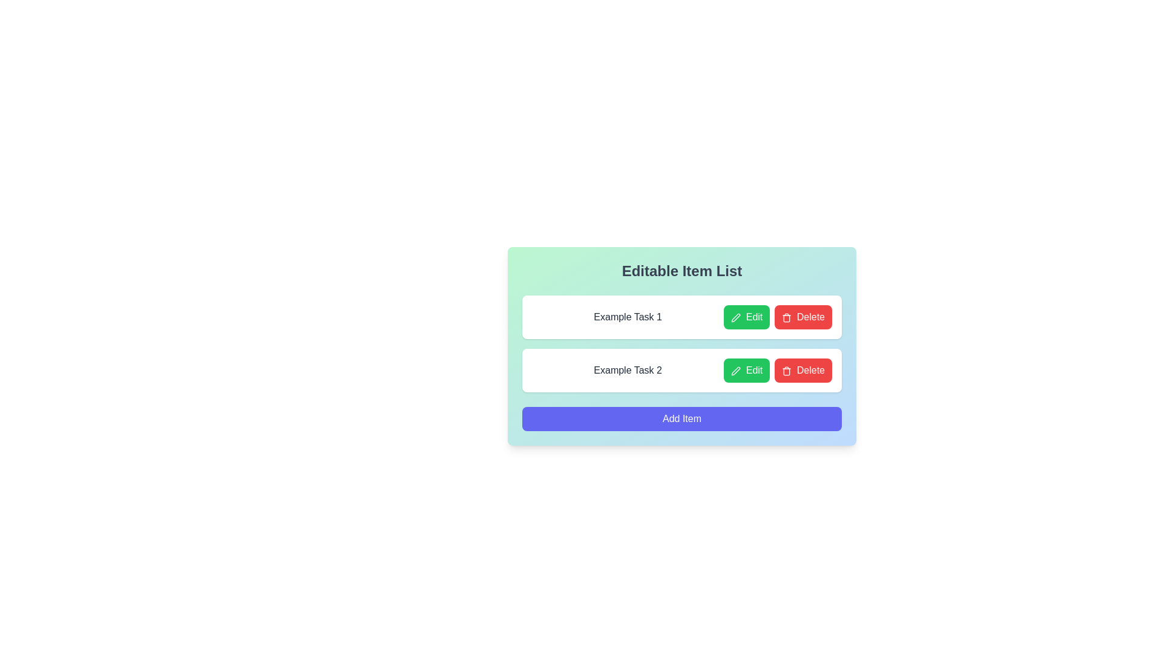 This screenshot has height=654, width=1162. Describe the element at coordinates (628, 370) in the screenshot. I see `the static text label displaying 'Example Task 2' located in the second task item row, which is directly below 'Example Task 1' and above the 'Add Item' button` at that location.